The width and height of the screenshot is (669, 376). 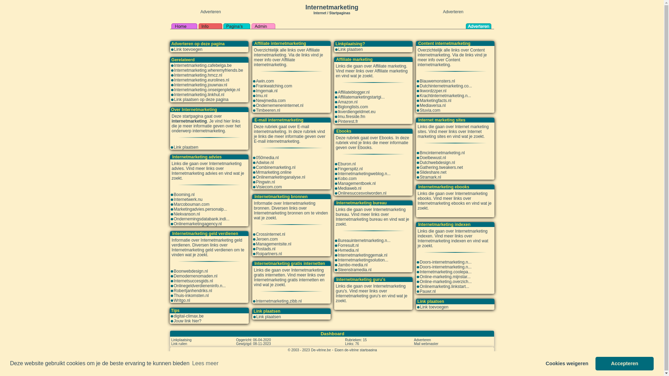 I want to click on 'Onlinemarketingagency.nl', so click(x=197, y=224).